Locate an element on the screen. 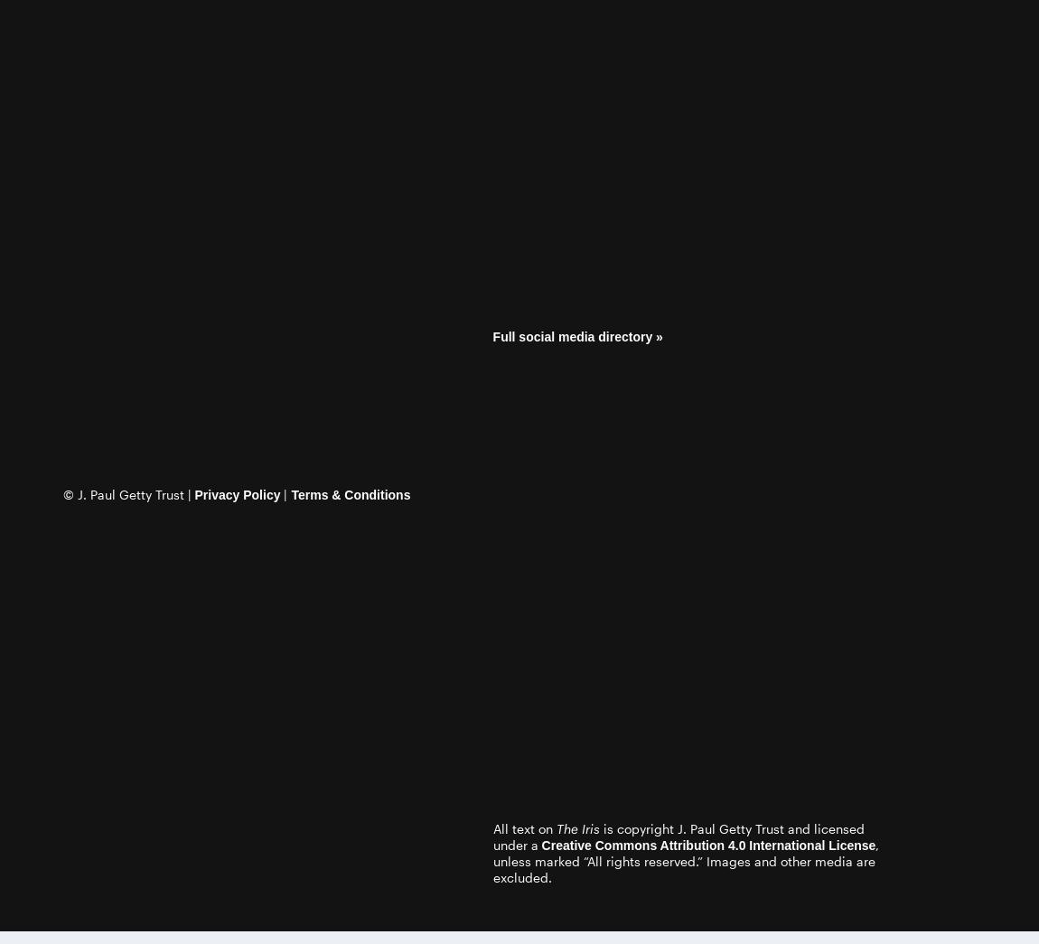 The image size is (1039, 944). ', unless marked “All rights reserved.” Images and other media are excluded.' is located at coordinates (685, 860).